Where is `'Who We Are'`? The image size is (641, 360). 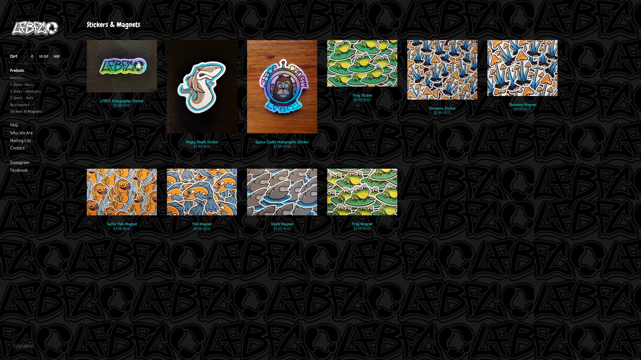
'Who We Are' is located at coordinates (34, 133).